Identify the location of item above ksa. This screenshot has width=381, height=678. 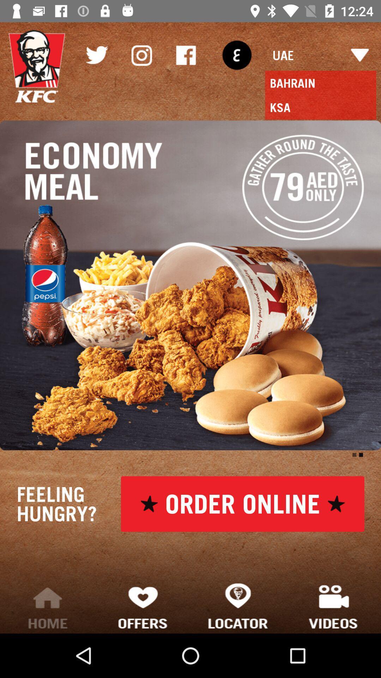
(237, 55).